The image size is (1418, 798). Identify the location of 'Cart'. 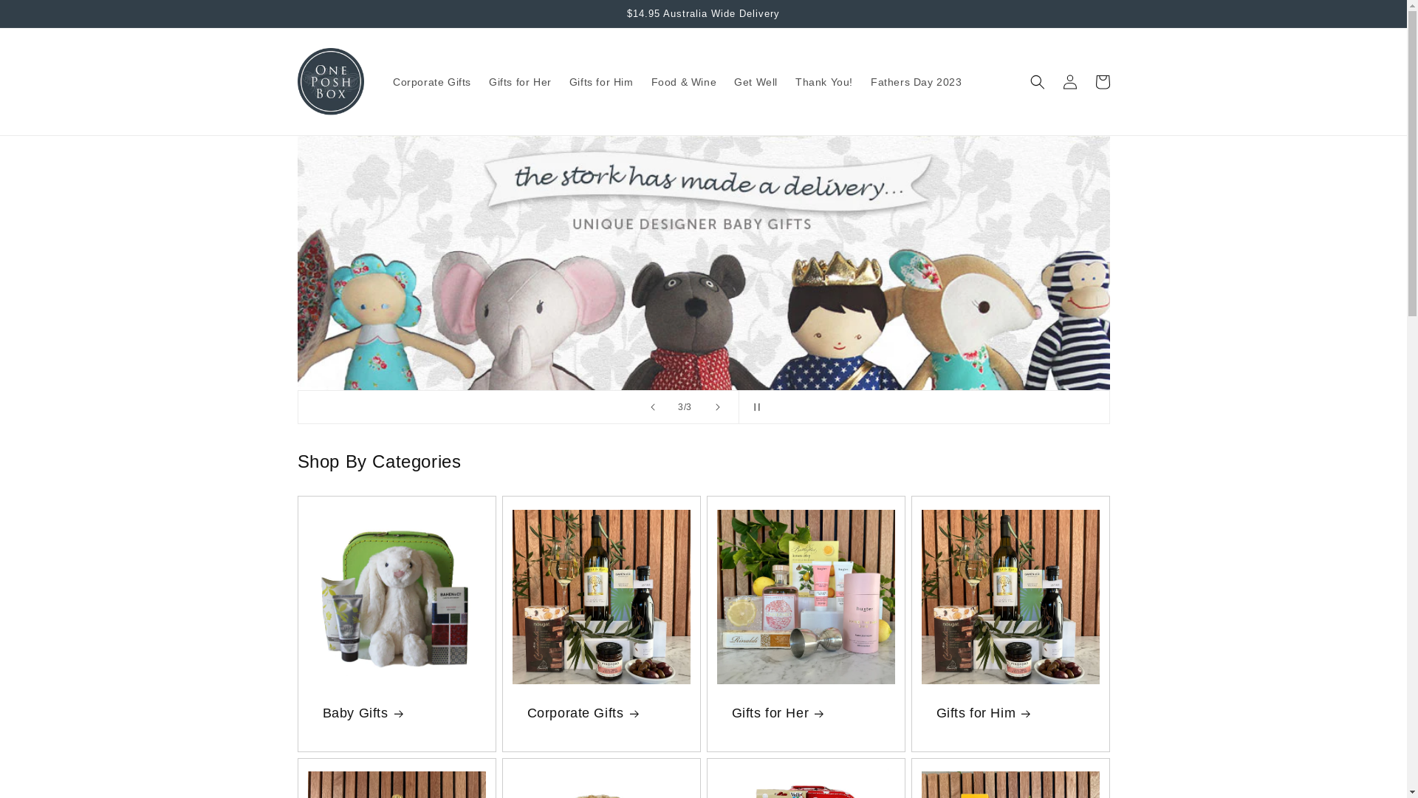
(1102, 82).